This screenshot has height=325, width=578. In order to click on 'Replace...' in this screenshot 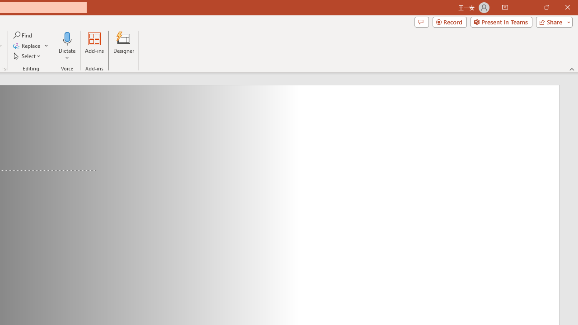, I will do `click(27, 46)`.